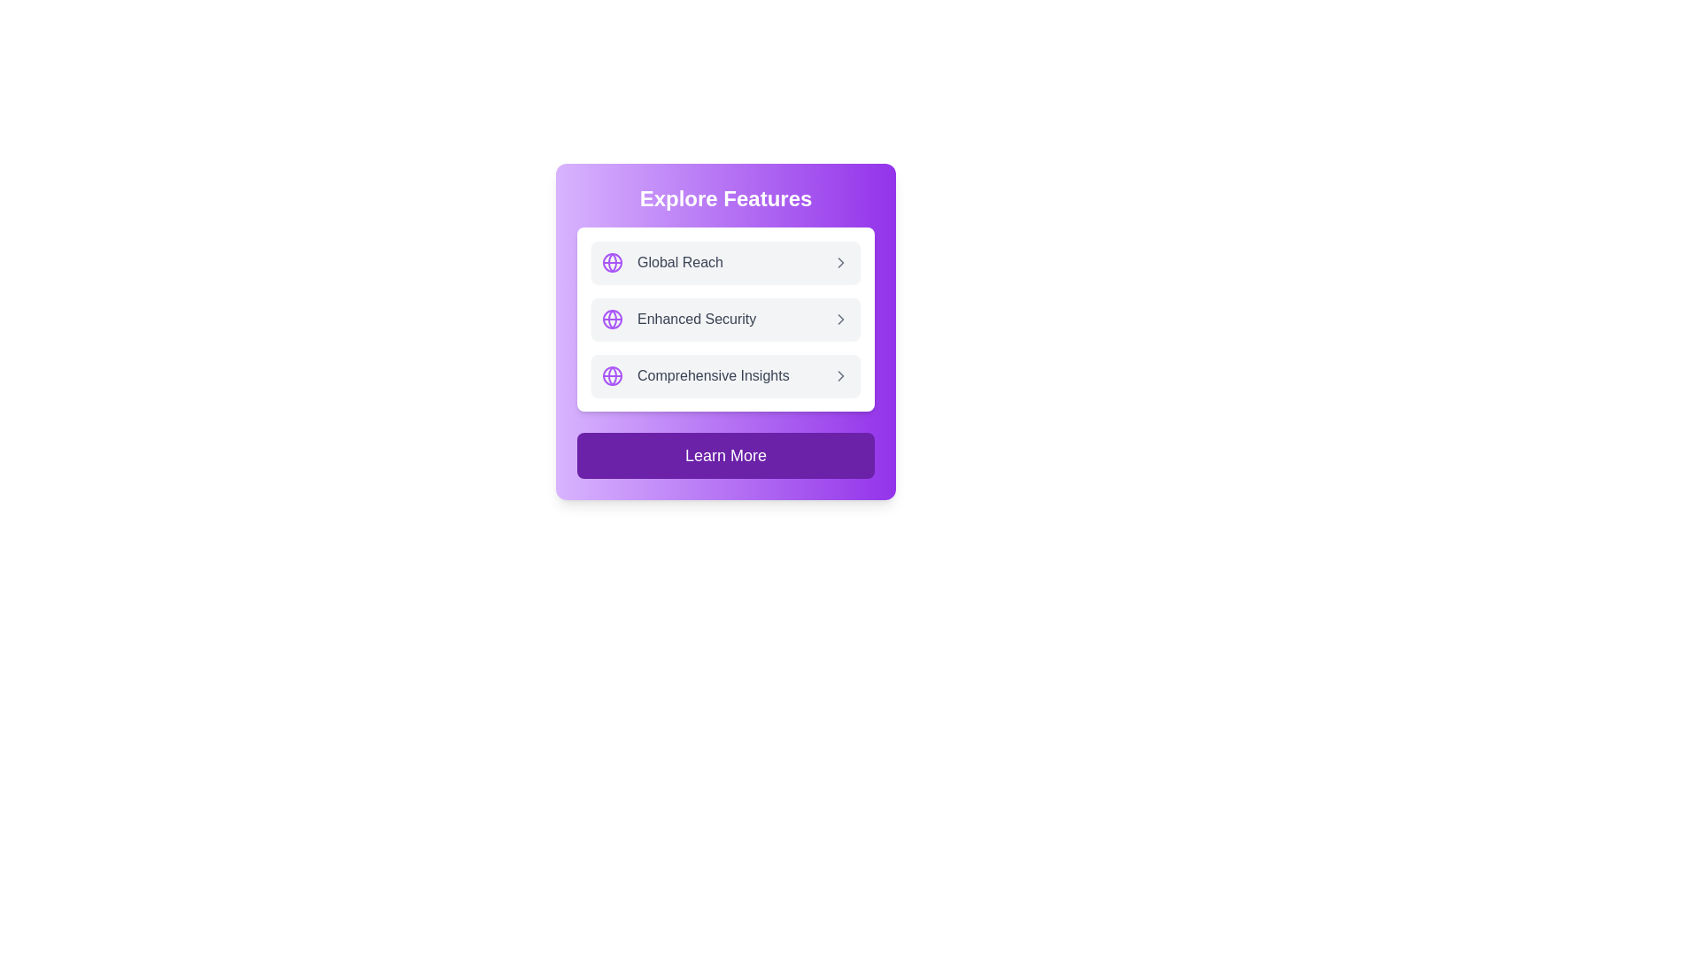 The width and height of the screenshot is (1700, 956). Describe the element at coordinates (726, 455) in the screenshot. I see `the 'Learn More' button with a purple background and white text` at that location.